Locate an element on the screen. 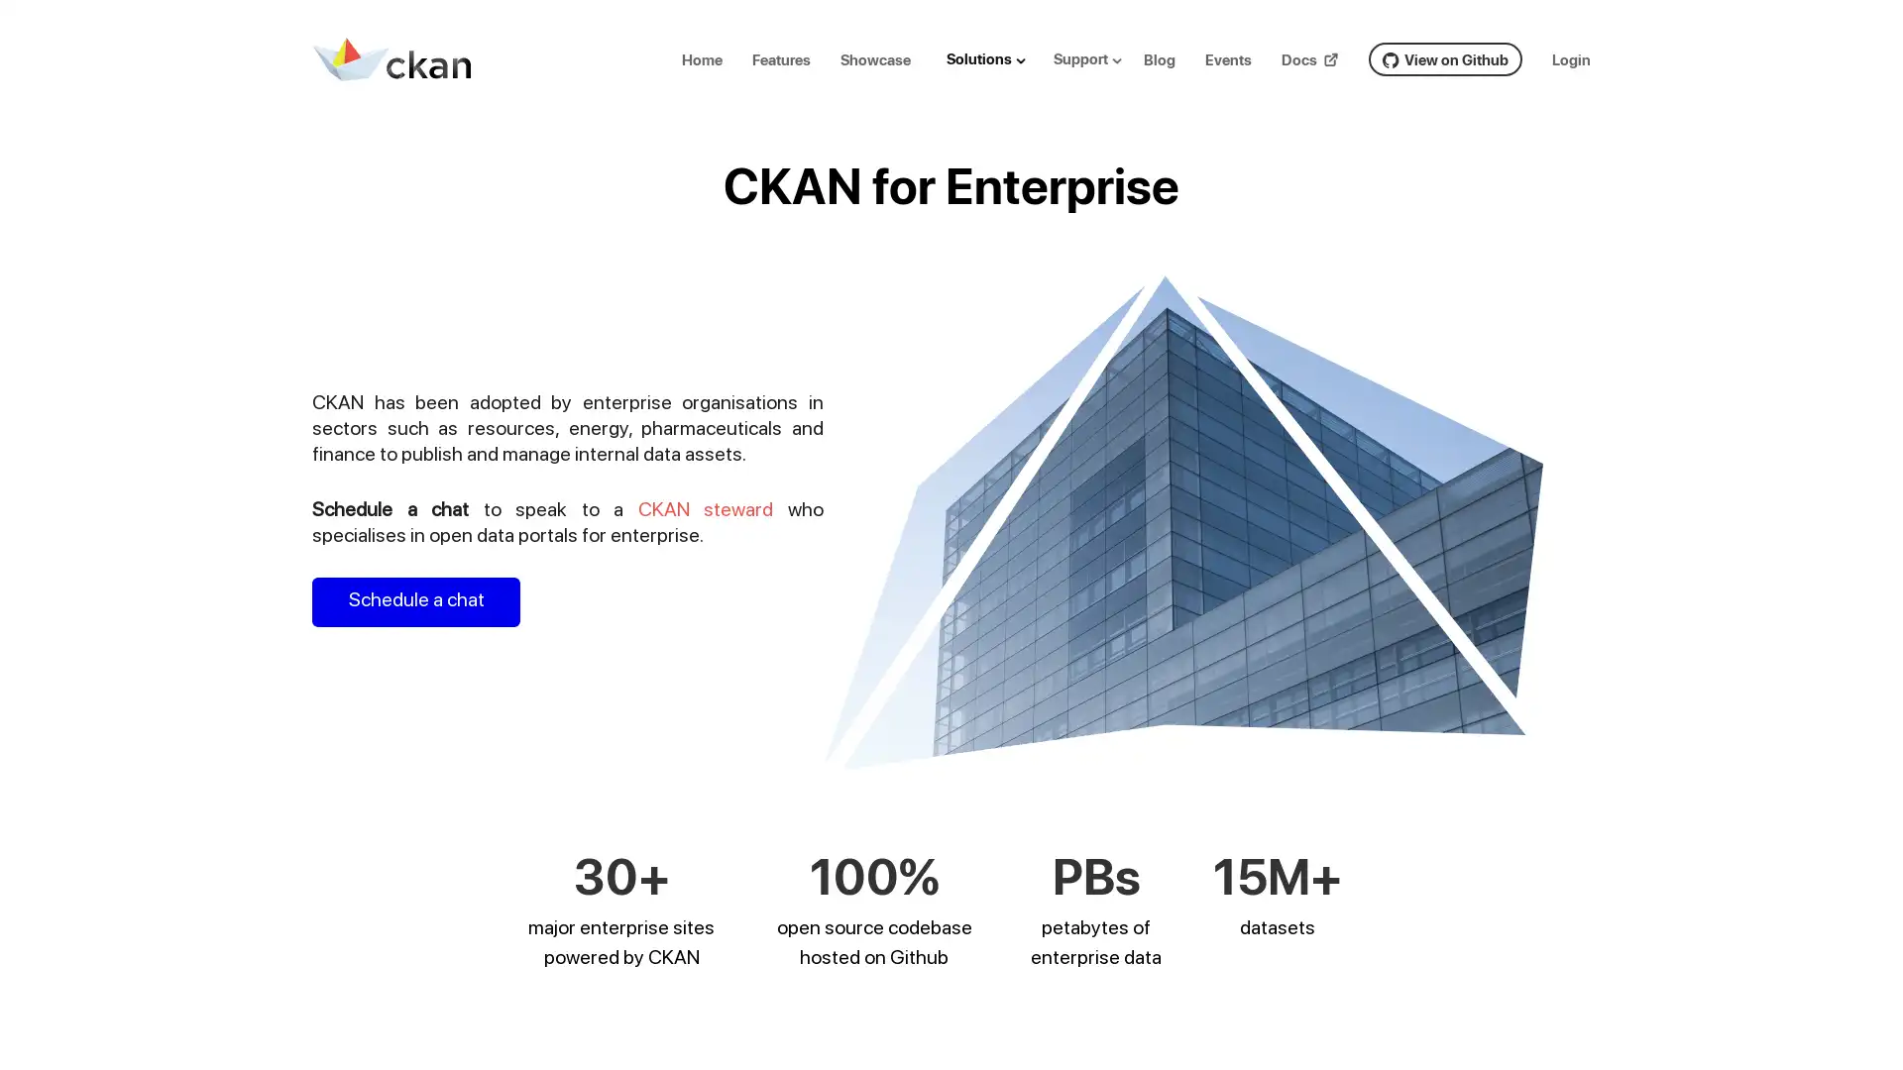 The height and width of the screenshot is (1070, 1903). Support is located at coordinates (1094, 57).